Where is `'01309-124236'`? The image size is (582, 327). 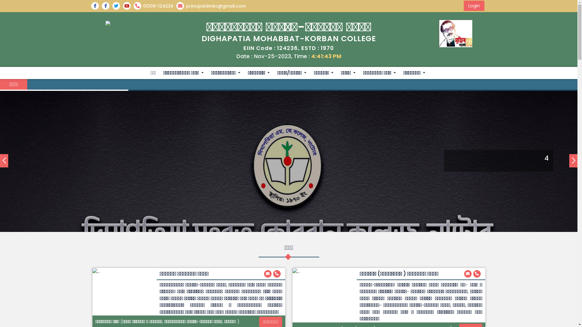 '01309-124236' is located at coordinates (133, 6).